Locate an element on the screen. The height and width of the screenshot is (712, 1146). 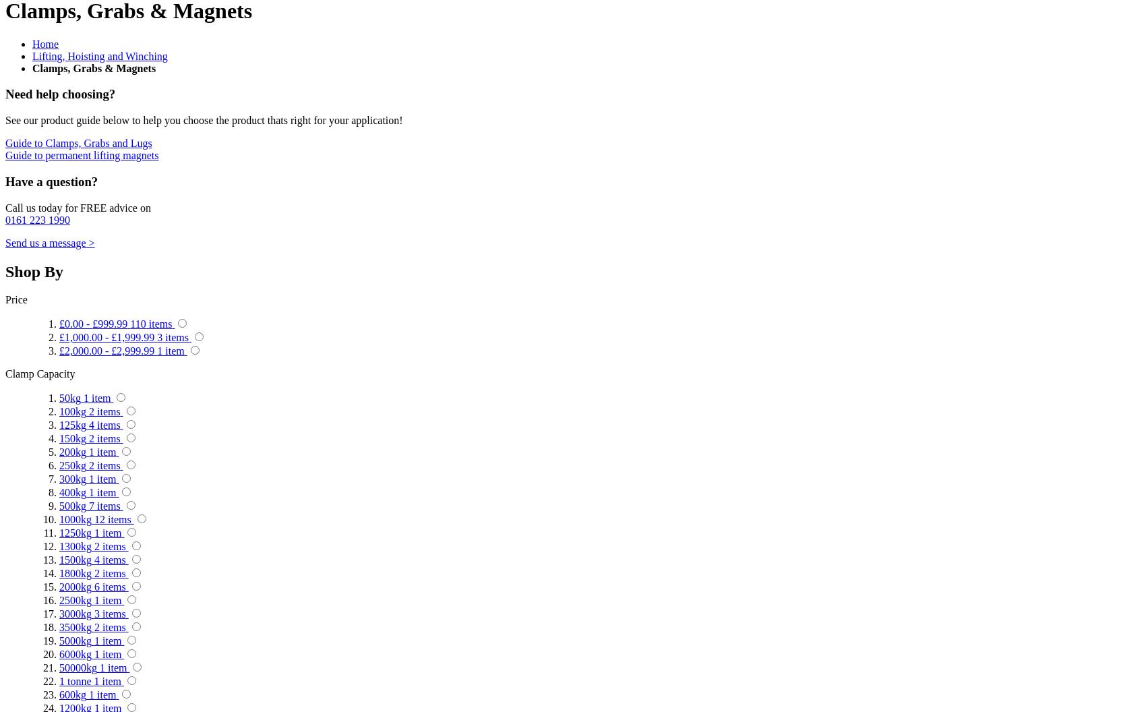
'Call us today for FREE advice on' is located at coordinates (77, 207).